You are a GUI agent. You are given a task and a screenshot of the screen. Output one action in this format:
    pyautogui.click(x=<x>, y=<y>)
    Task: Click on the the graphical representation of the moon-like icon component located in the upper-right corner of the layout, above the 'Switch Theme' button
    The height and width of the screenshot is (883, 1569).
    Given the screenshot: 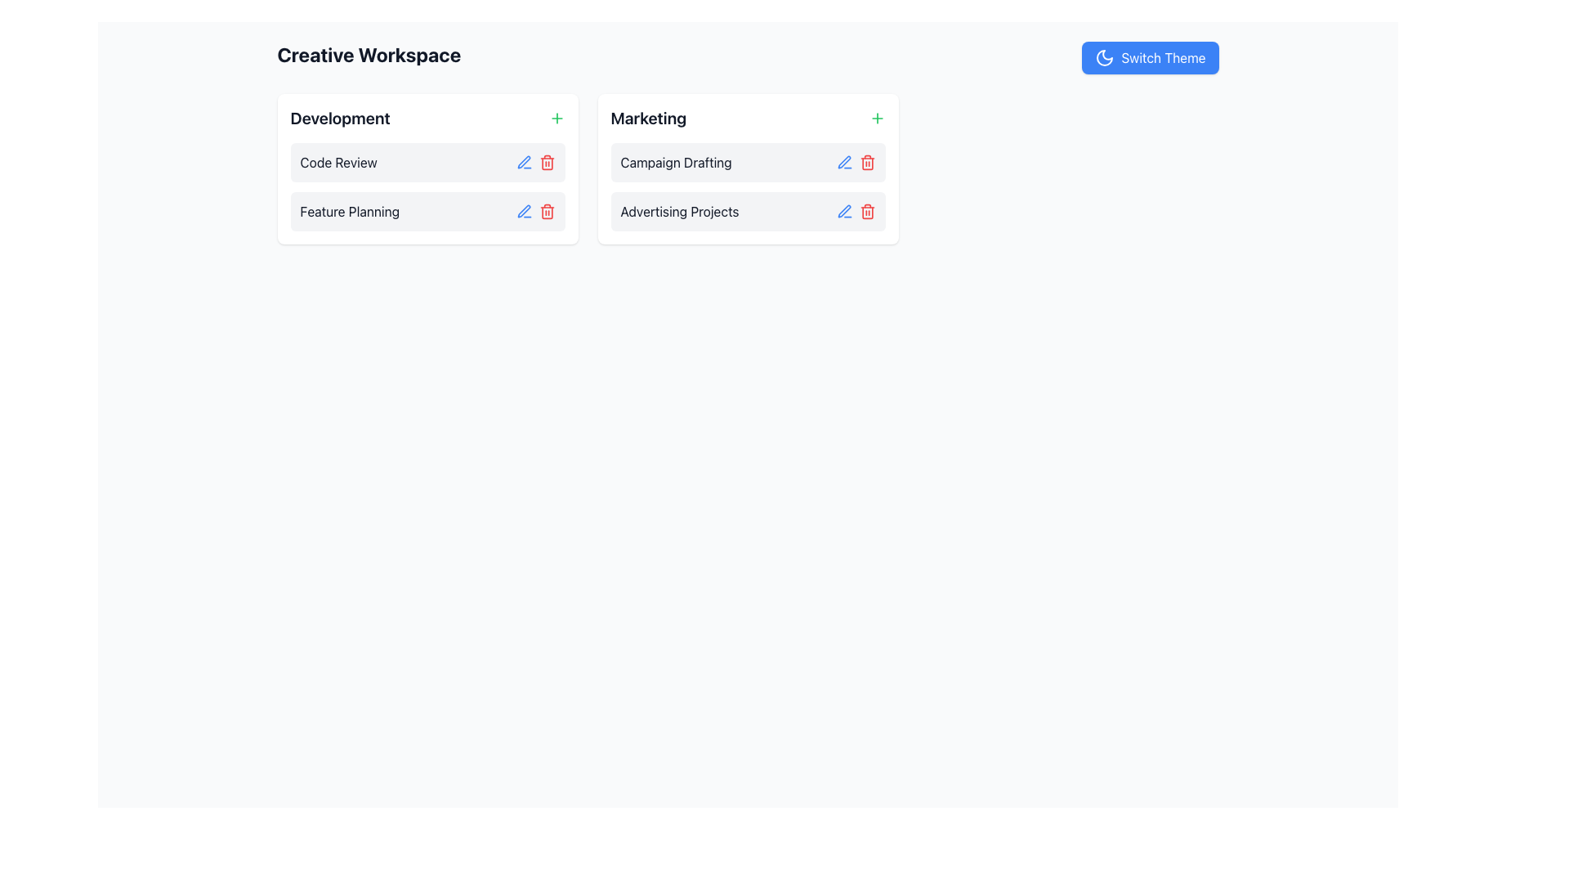 What is the action you would take?
    pyautogui.click(x=1105, y=56)
    